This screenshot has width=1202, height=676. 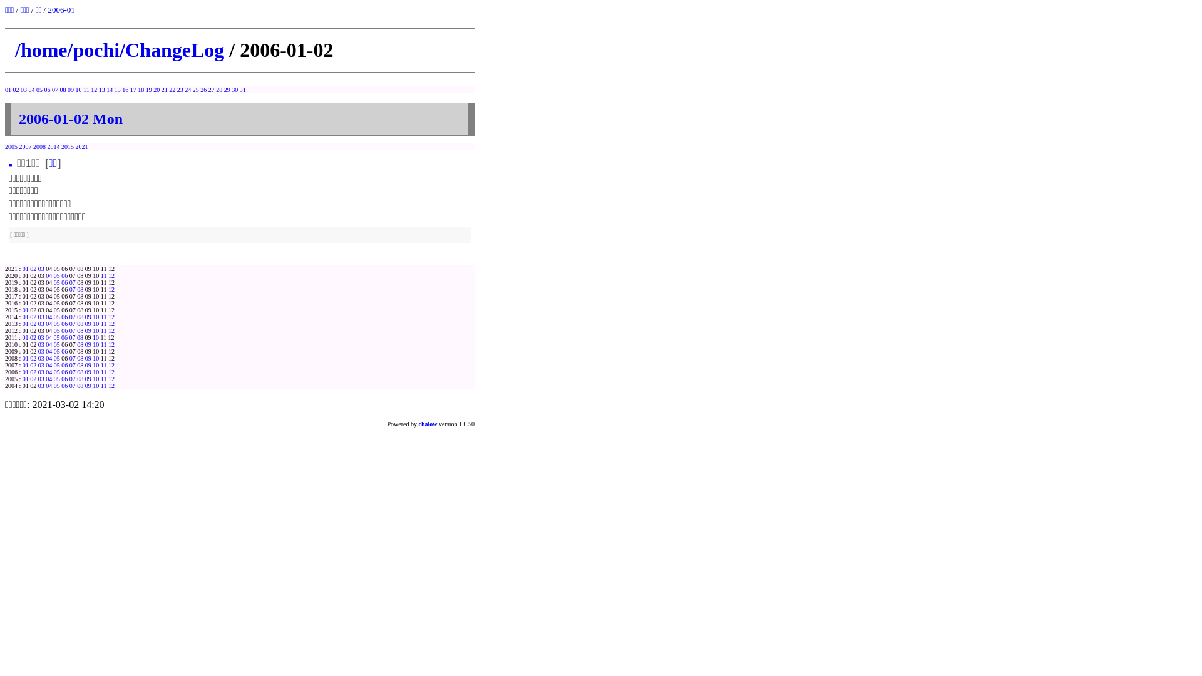 What do you see at coordinates (208, 89) in the screenshot?
I see `'27'` at bounding box center [208, 89].